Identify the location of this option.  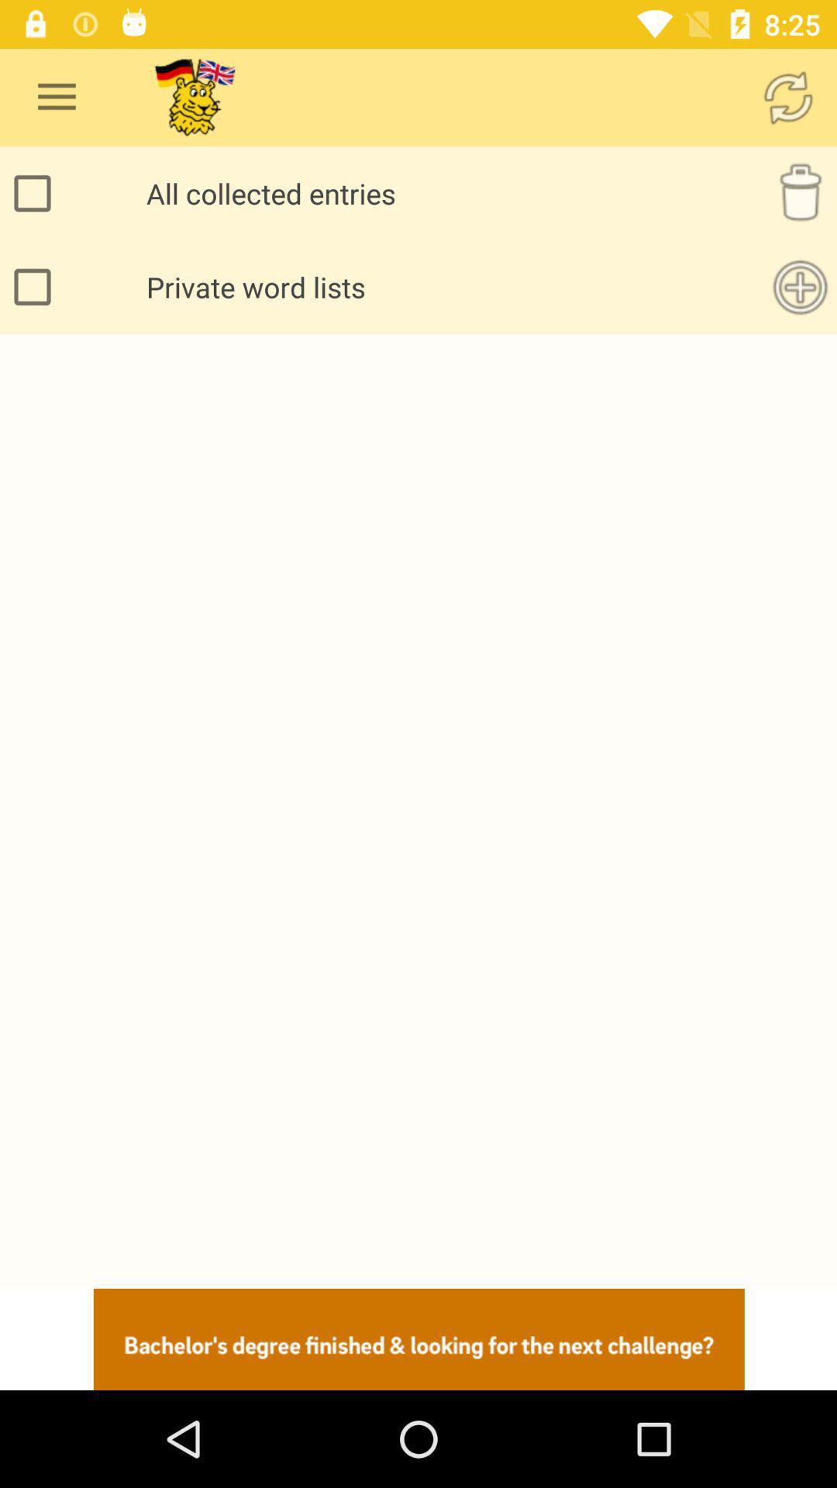
(36, 287).